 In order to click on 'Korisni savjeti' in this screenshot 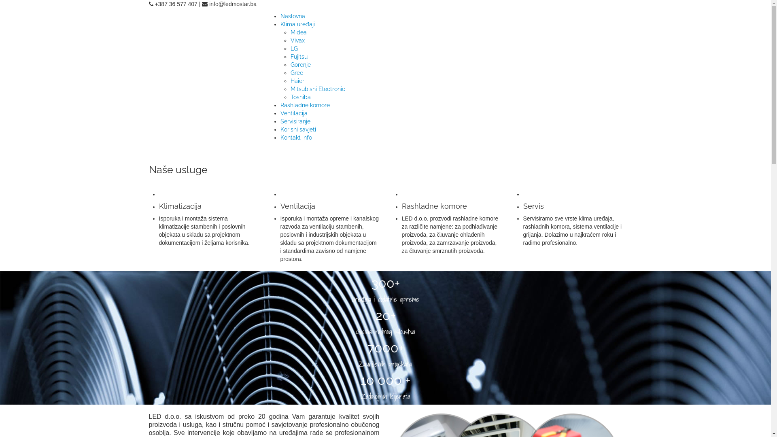, I will do `click(297, 129)`.